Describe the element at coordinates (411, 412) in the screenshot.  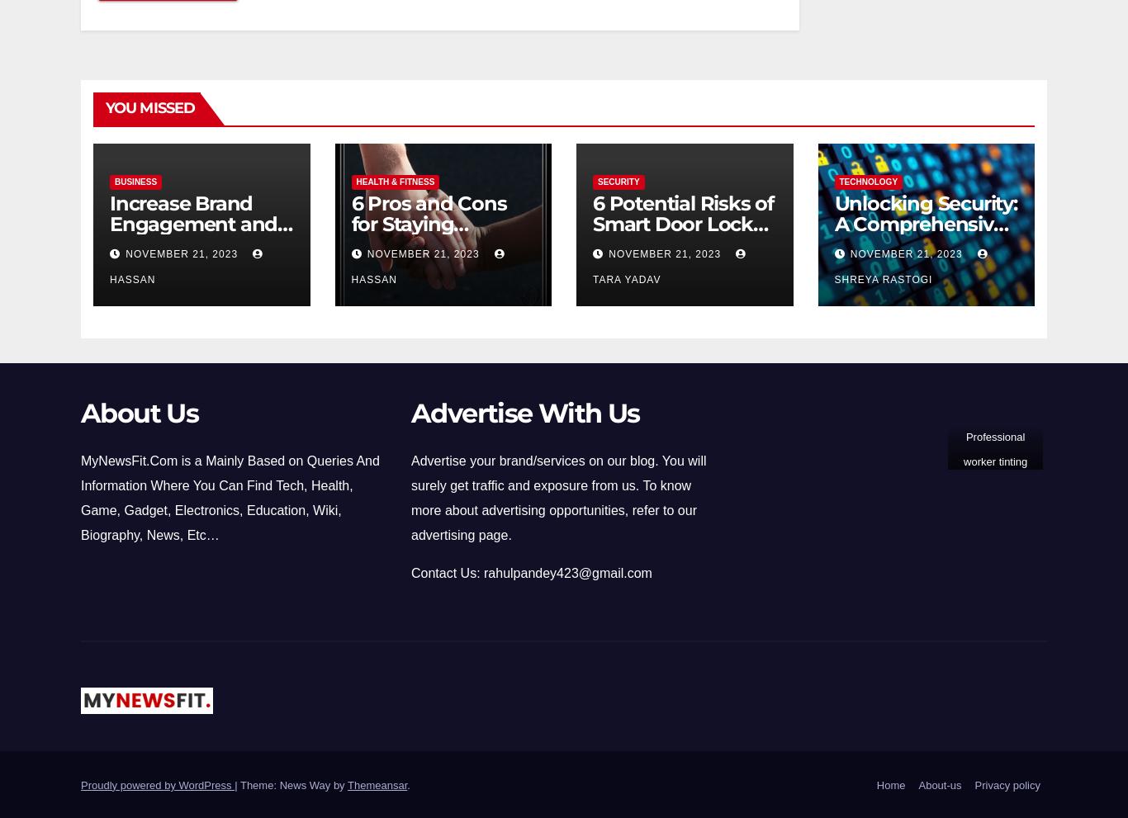
I see `'Advertise With Us'` at that location.